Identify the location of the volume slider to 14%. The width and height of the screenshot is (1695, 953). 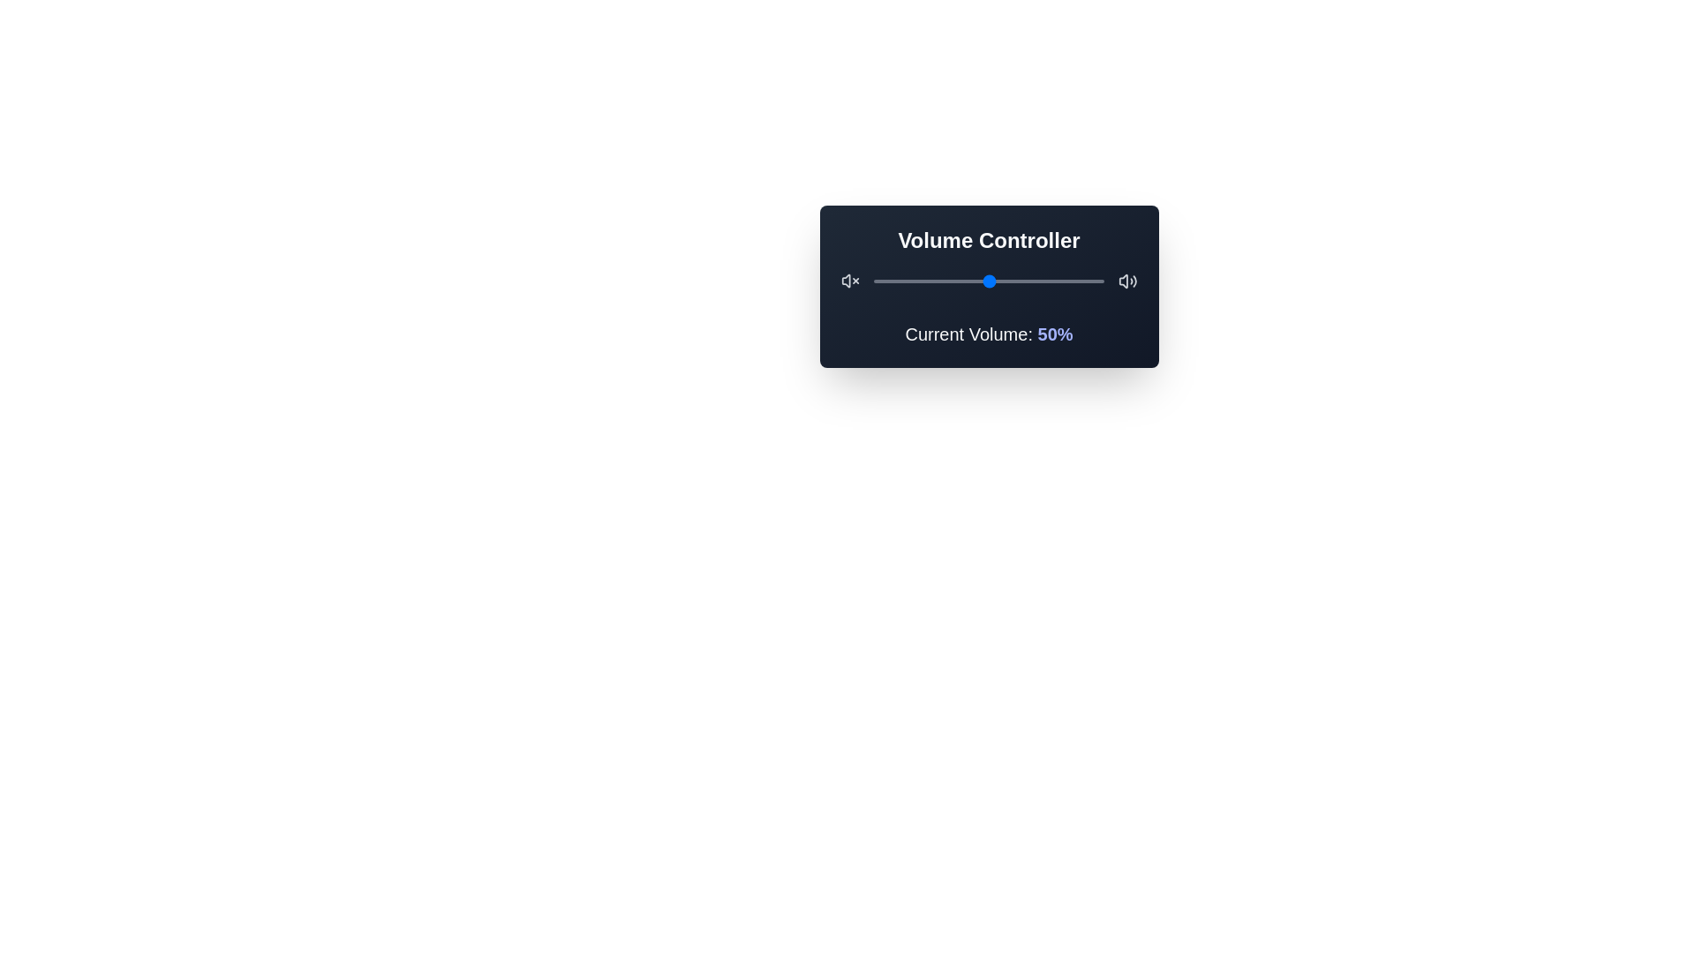
(906, 281).